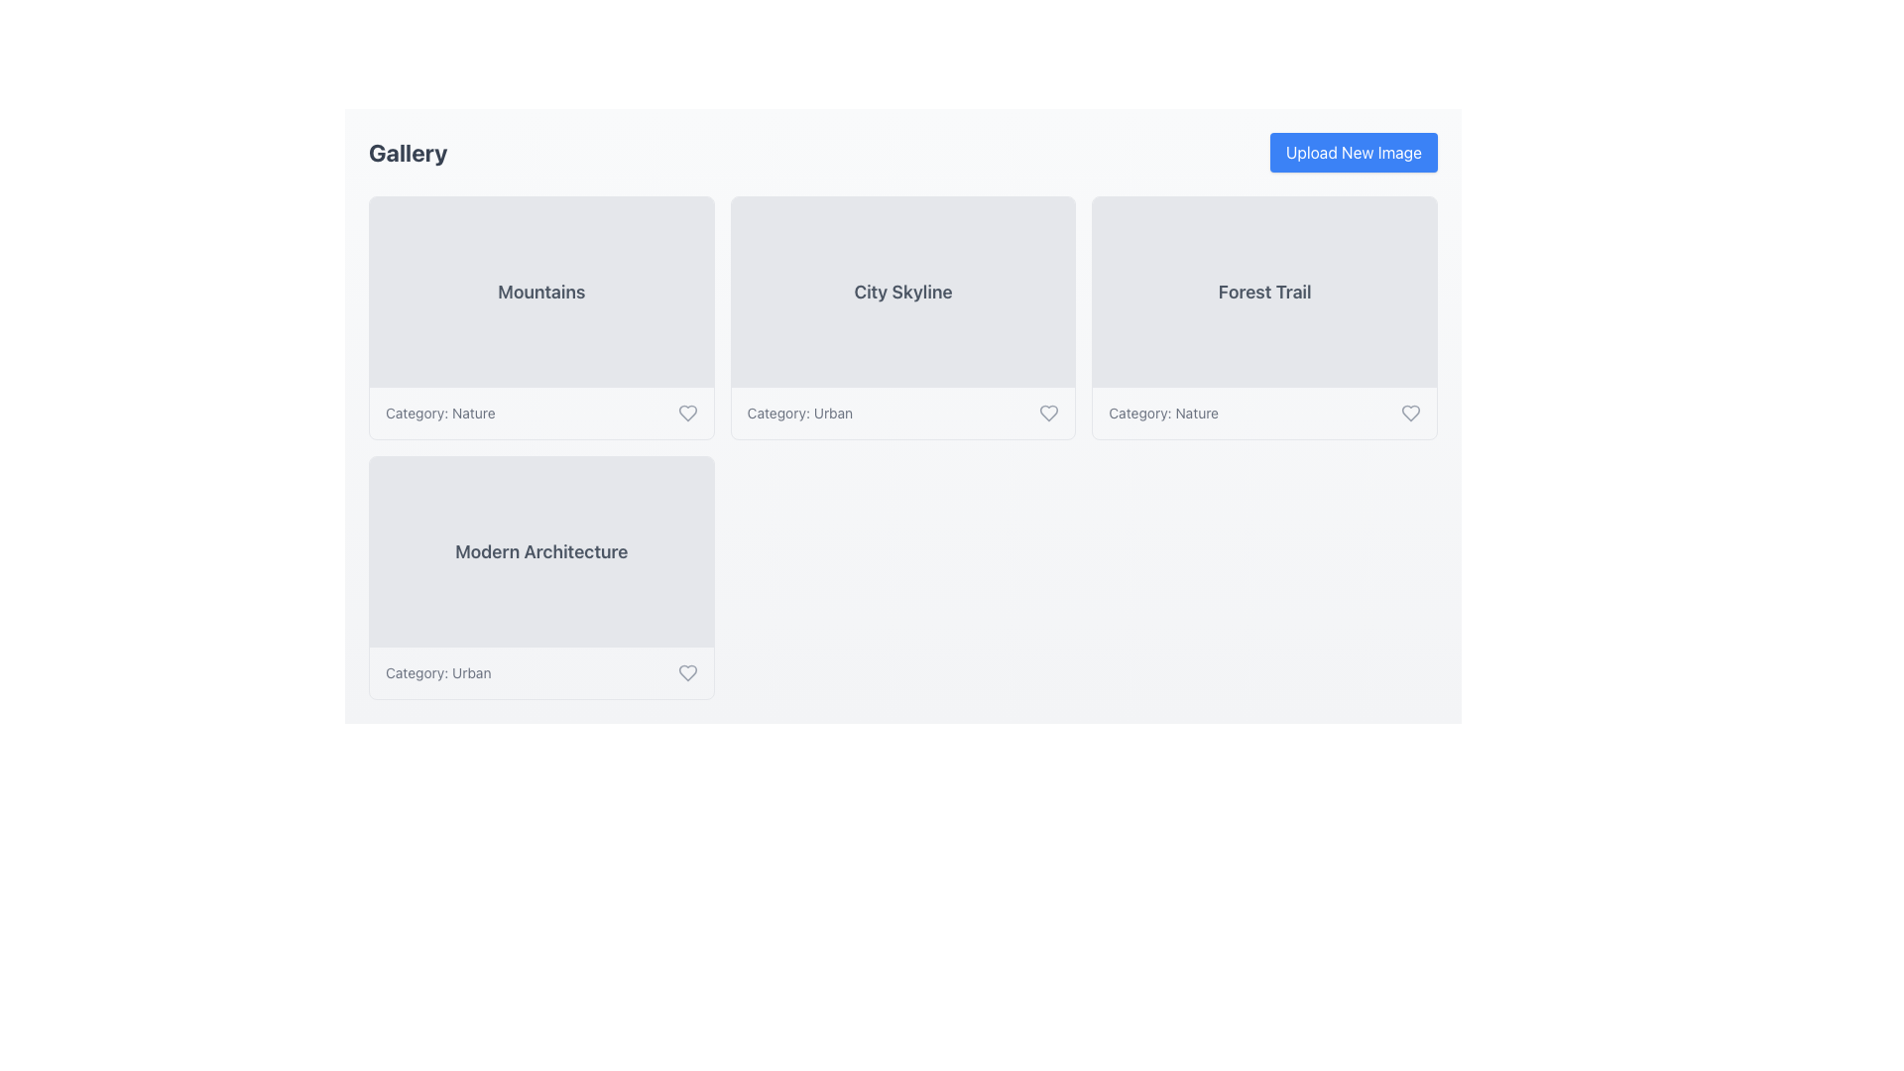  I want to click on the centrally positioned Text Label within the large light gray rectangular frame in the second row, third column of the gallery interface to possibly reveal further information or effects, so click(1263, 292).